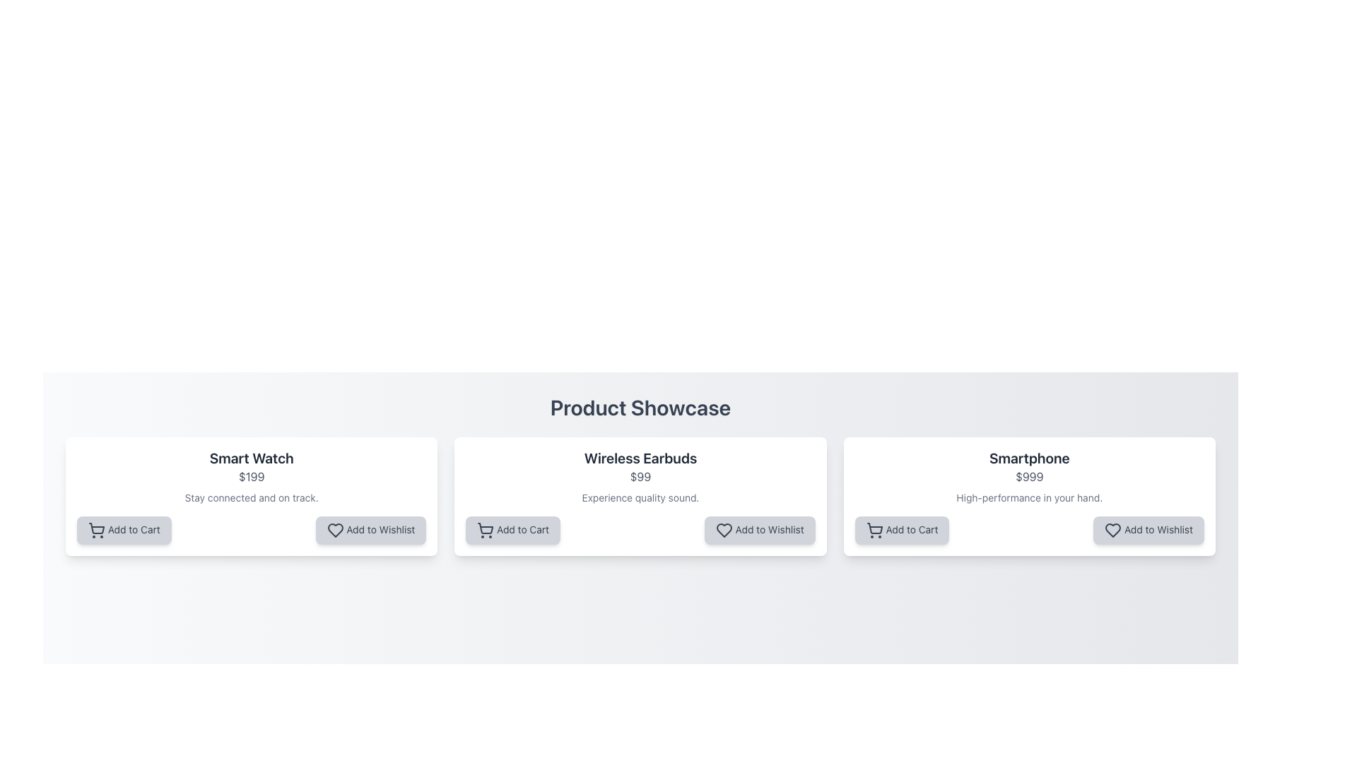 The image size is (1357, 763). Describe the element at coordinates (724, 531) in the screenshot. I see `the 'Add to Wishlist' icon located beneath the title 'Wireless Earbuds' in the middle card of the interface` at that location.